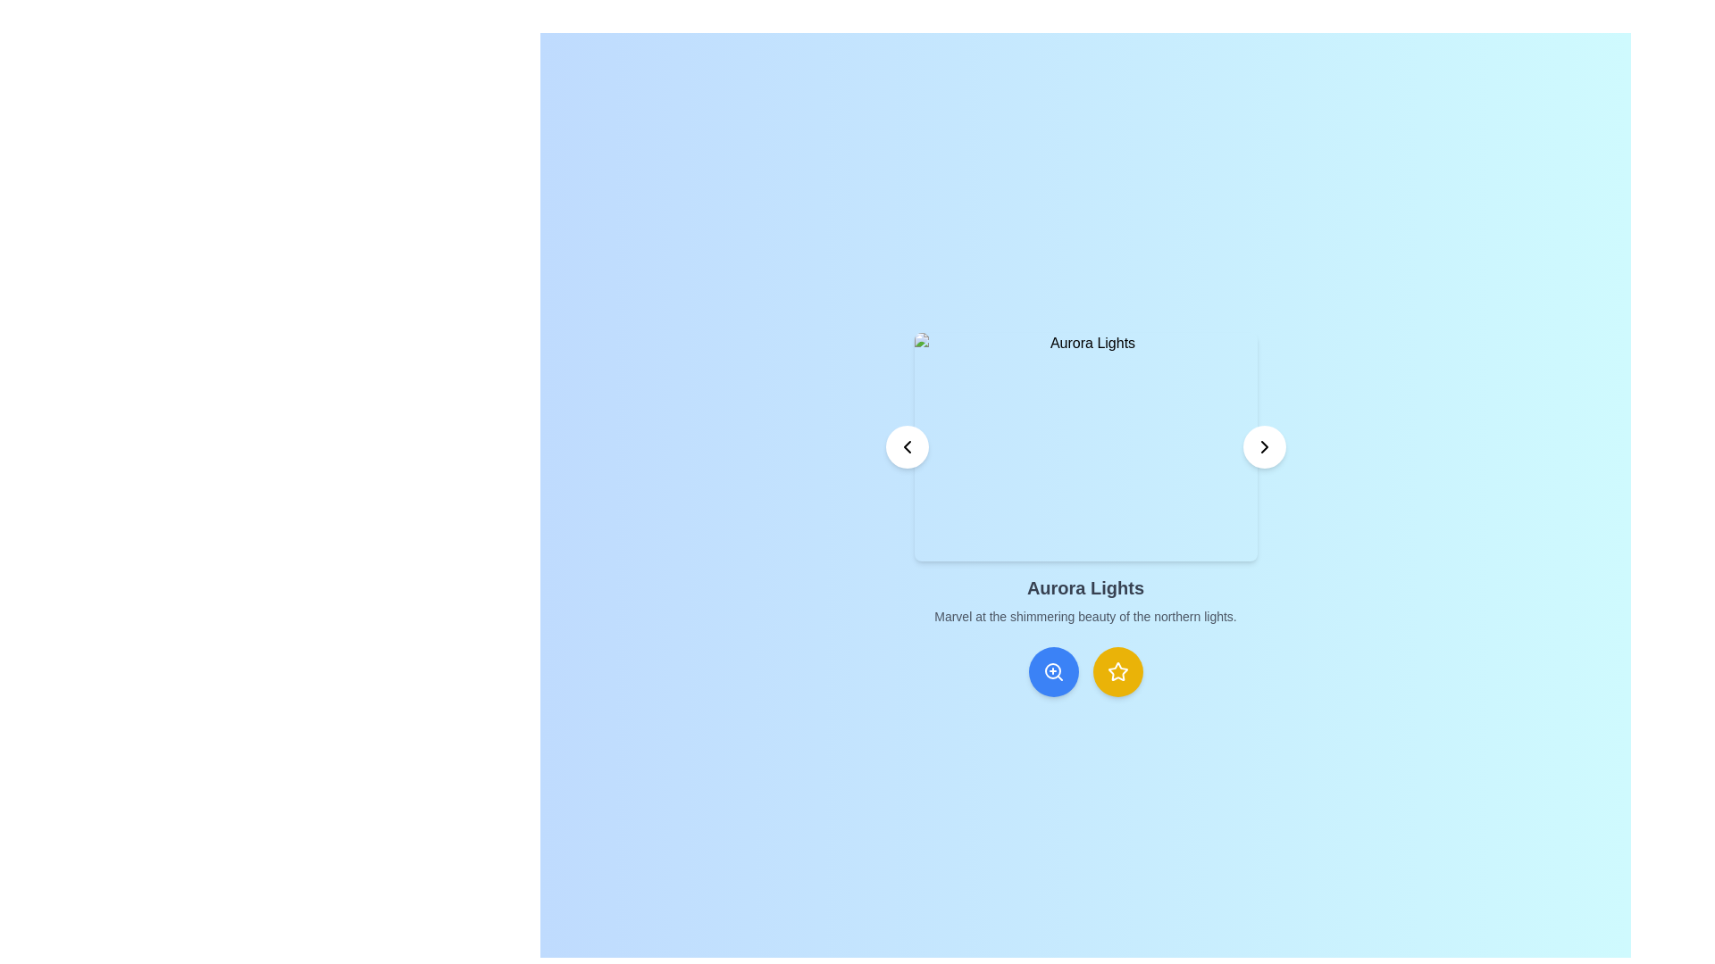  I want to click on the favorite button with a star icon, located to the right of the blue circular magnifying glass button, below the title 'Aurora Lights', so click(1117, 671).